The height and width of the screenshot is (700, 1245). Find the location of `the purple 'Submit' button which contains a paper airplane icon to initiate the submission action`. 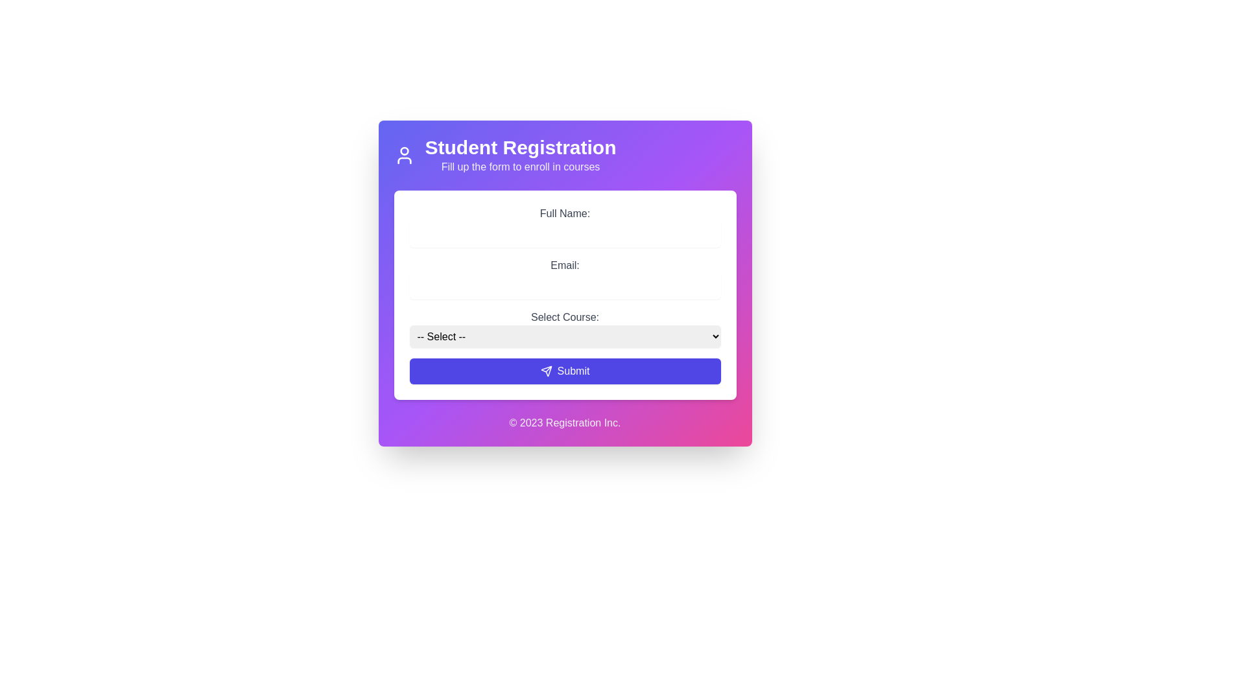

the purple 'Submit' button which contains a paper airplane icon to initiate the submission action is located at coordinates (546, 371).